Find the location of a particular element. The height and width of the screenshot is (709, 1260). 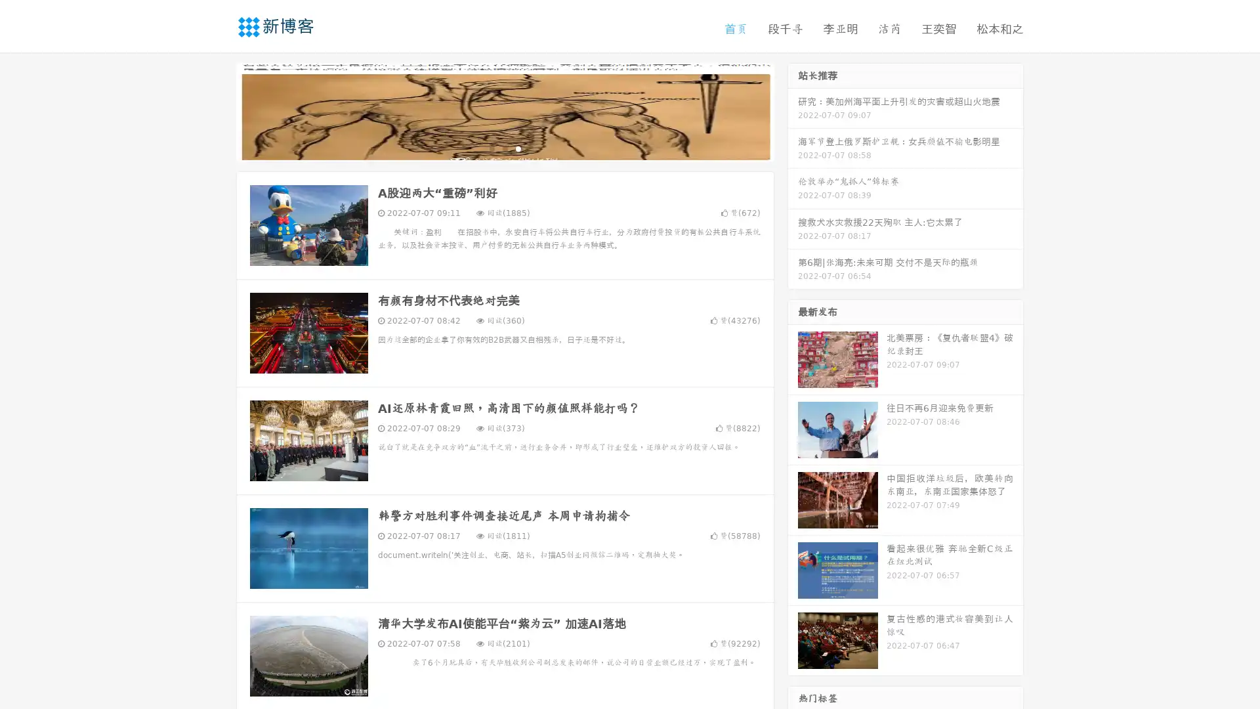

Go to slide 2 is located at coordinates (504, 148).